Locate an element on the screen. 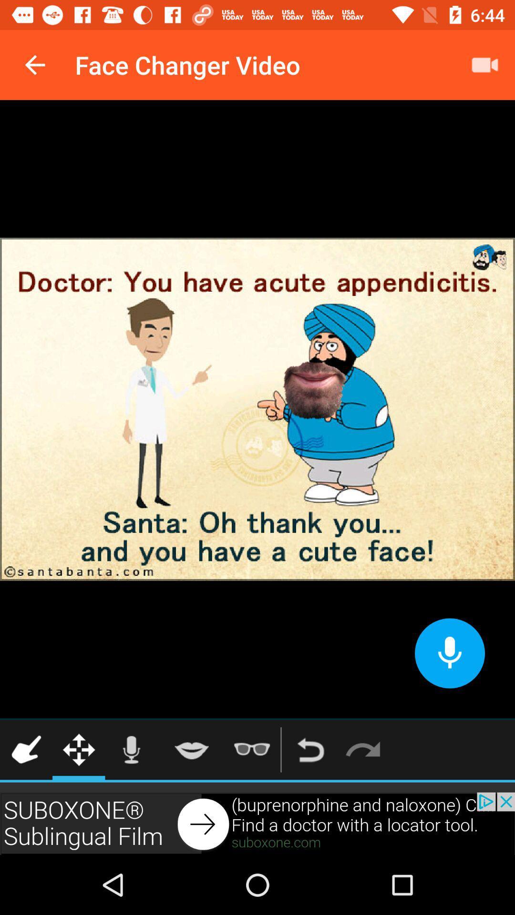  the microphone icon is located at coordinates (131, 749).